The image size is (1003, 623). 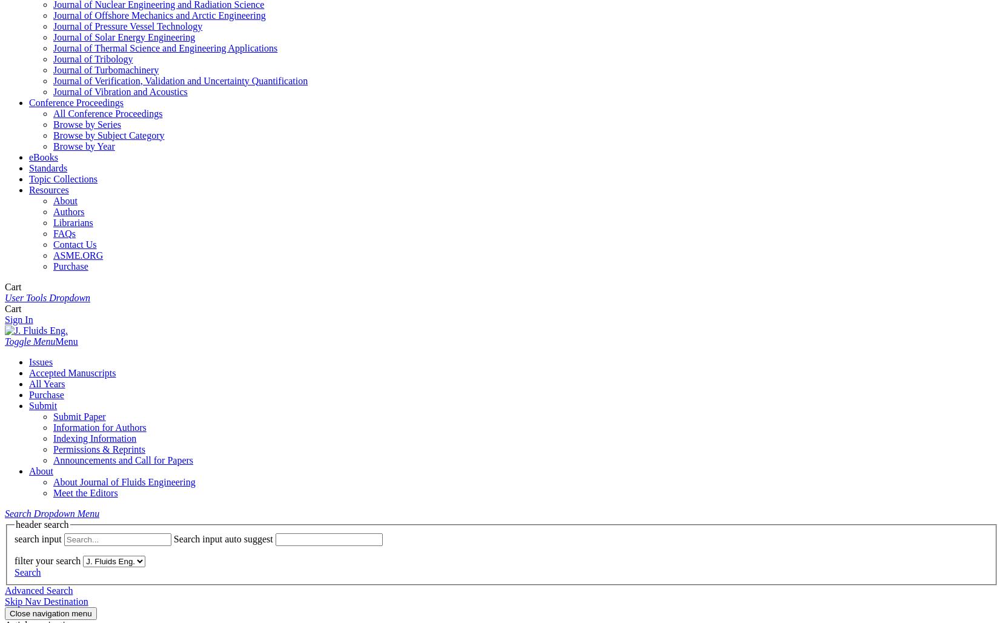 I want to click on 'Search', so click(x=27, y=572).